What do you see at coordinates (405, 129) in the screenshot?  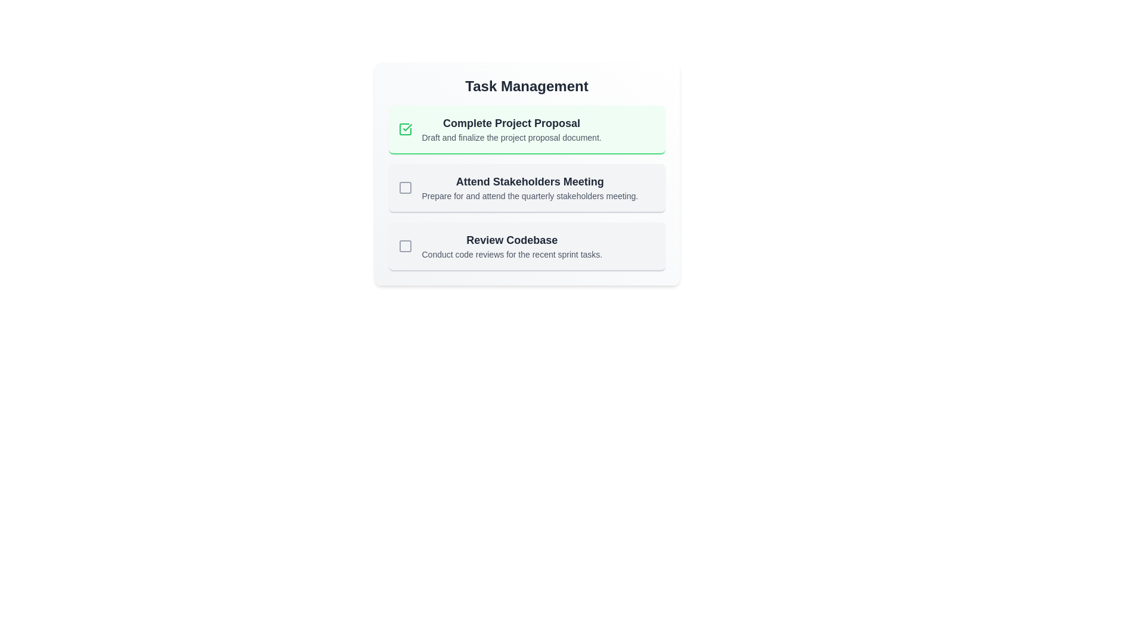 I see `the checkbox indicating the completion status of the 'Complete Project Proposal' task, which is located to the left of the task title` at bounding box center [405, 129].